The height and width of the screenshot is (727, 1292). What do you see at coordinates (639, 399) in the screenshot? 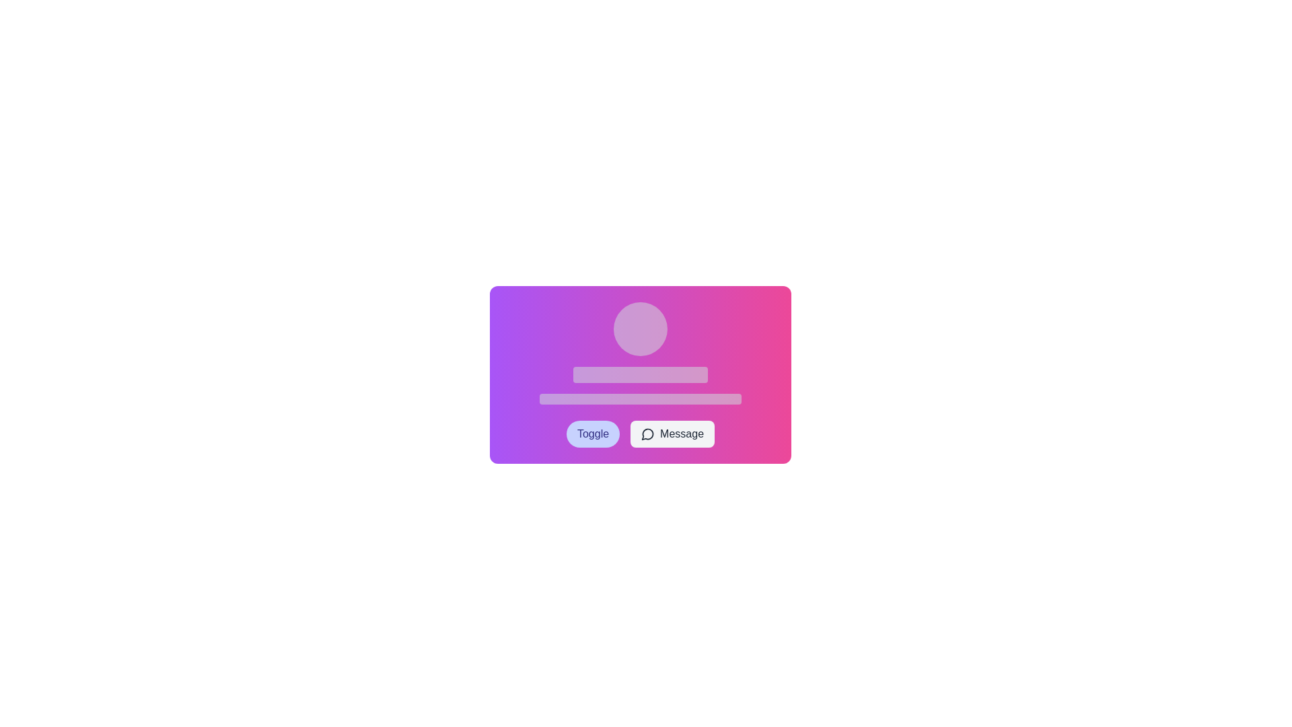
I see `the Placeholder bar or progress bar, which is a rectangular element with a soft rounded border and a gray fill color, located near the bottom of a vertically-aligned group of UI elements` at bounding box center [639, 399].